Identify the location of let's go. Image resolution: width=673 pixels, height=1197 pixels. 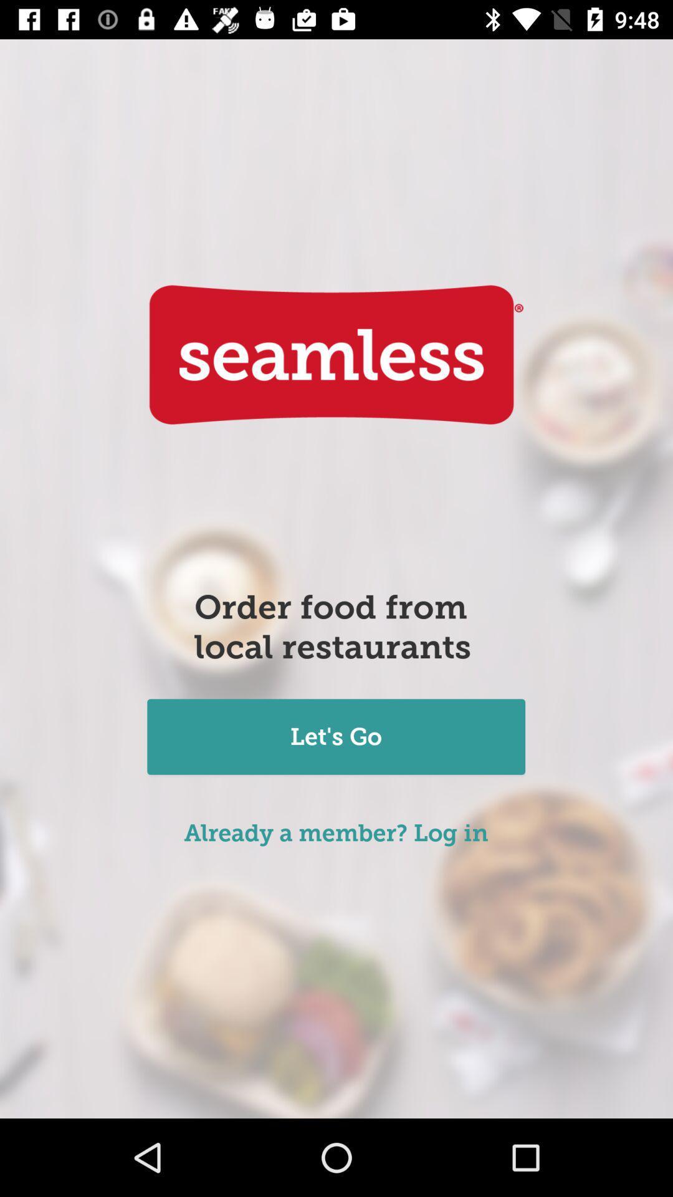
(335, 738).